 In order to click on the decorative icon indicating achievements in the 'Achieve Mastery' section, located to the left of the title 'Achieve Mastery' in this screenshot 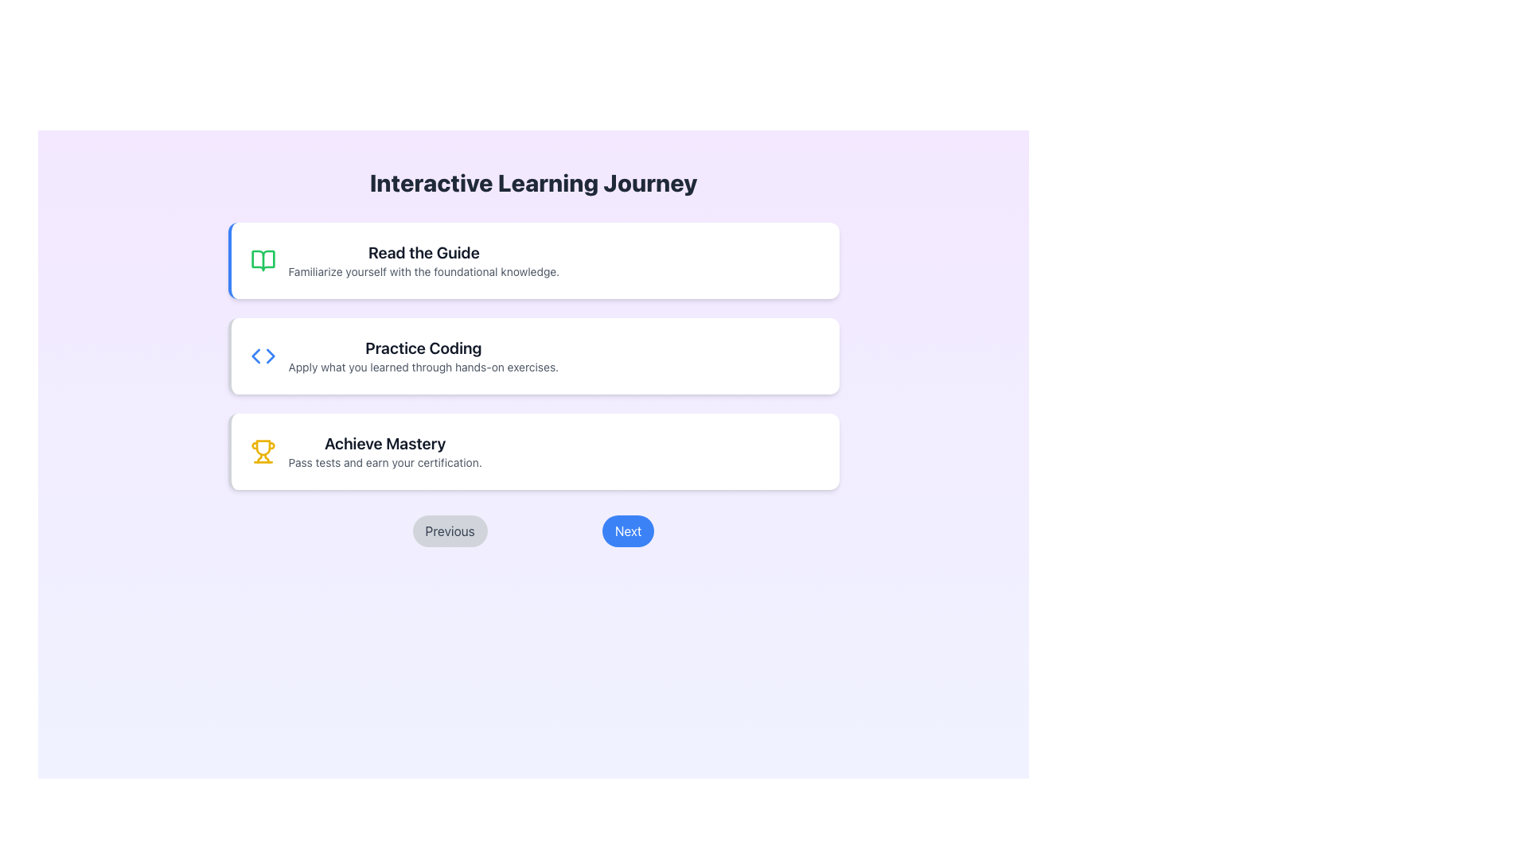, I will do `click(263, 451)`.